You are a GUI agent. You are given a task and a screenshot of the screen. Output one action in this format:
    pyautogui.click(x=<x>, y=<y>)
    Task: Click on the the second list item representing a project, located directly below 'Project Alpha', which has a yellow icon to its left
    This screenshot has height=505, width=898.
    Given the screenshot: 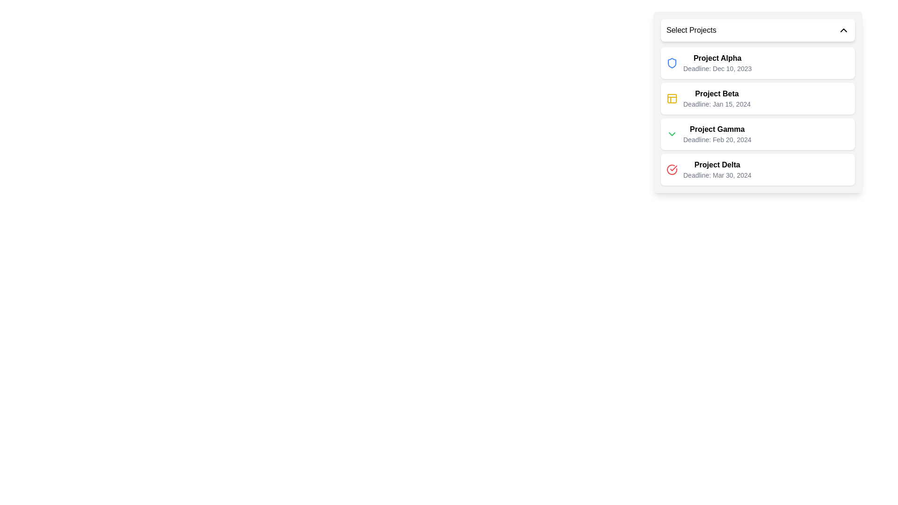 What is the action you would take?
    pyautogui.click(x=716, y=99)
    